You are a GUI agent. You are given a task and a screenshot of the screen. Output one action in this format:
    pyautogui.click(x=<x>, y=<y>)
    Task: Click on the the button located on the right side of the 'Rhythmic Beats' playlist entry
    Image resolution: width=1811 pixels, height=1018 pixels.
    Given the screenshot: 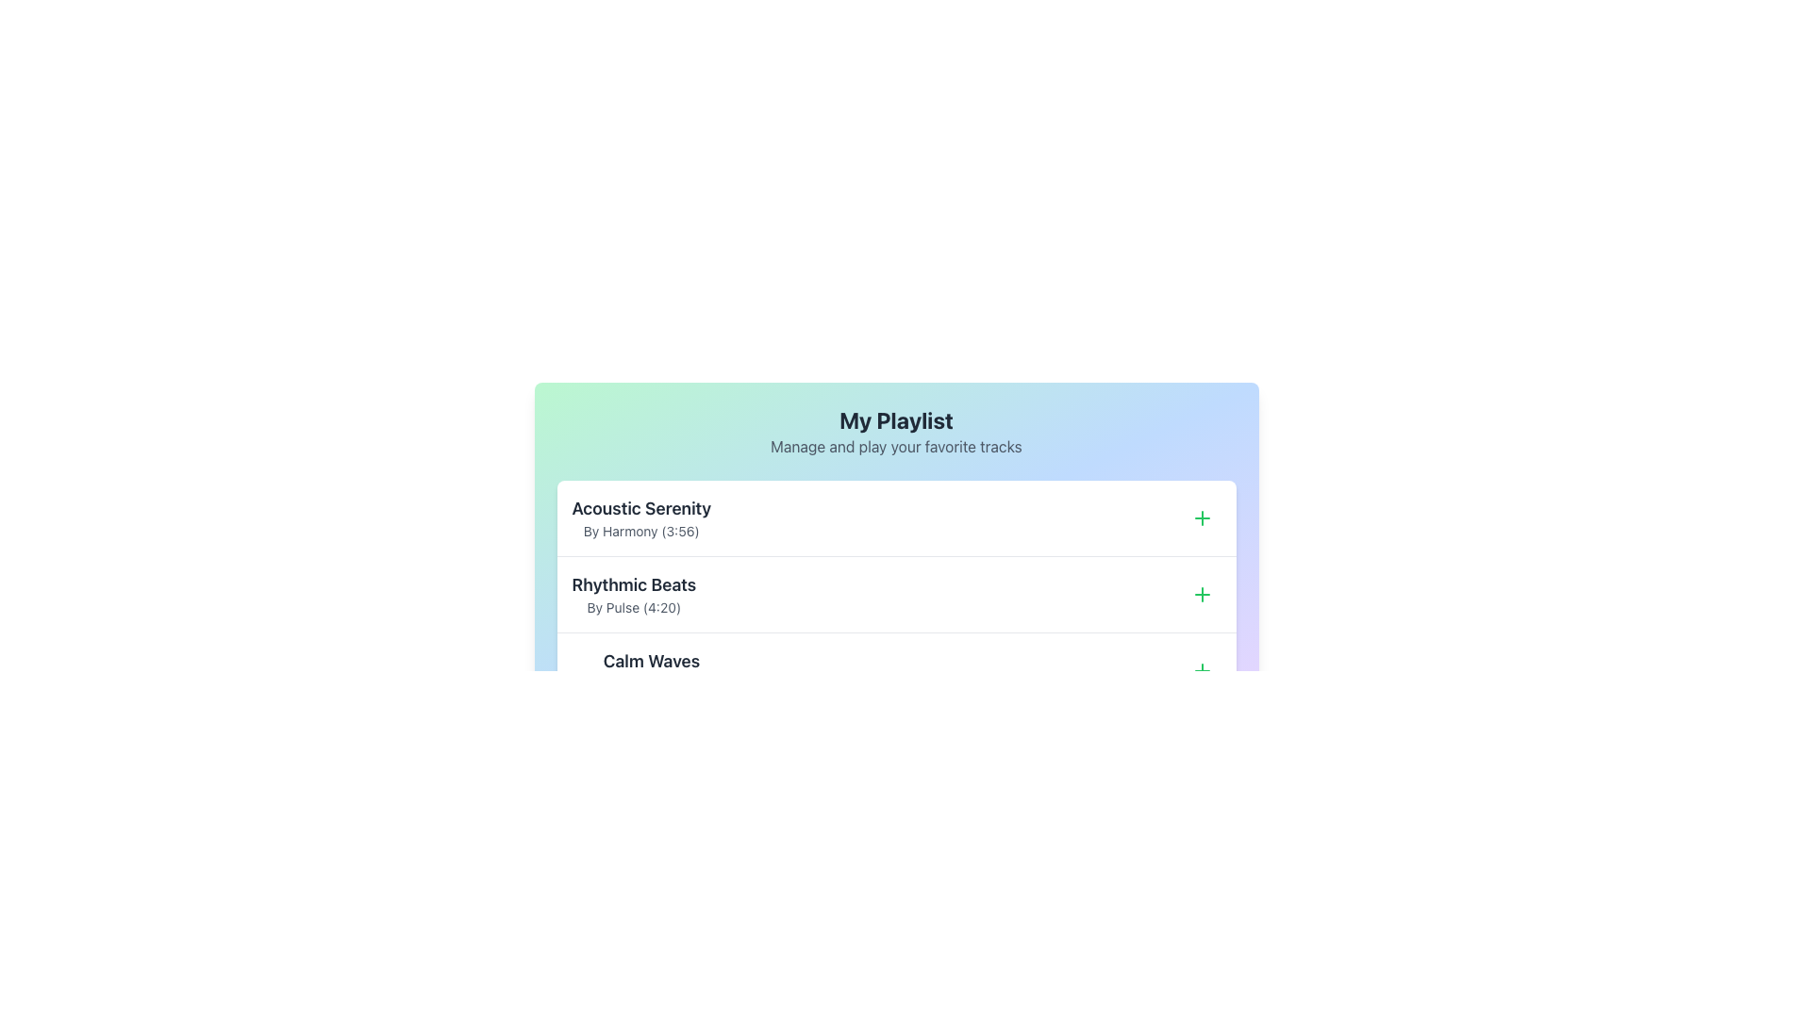 What is the action you would take?
    pyautogui.click(x=1201, y=595)
    